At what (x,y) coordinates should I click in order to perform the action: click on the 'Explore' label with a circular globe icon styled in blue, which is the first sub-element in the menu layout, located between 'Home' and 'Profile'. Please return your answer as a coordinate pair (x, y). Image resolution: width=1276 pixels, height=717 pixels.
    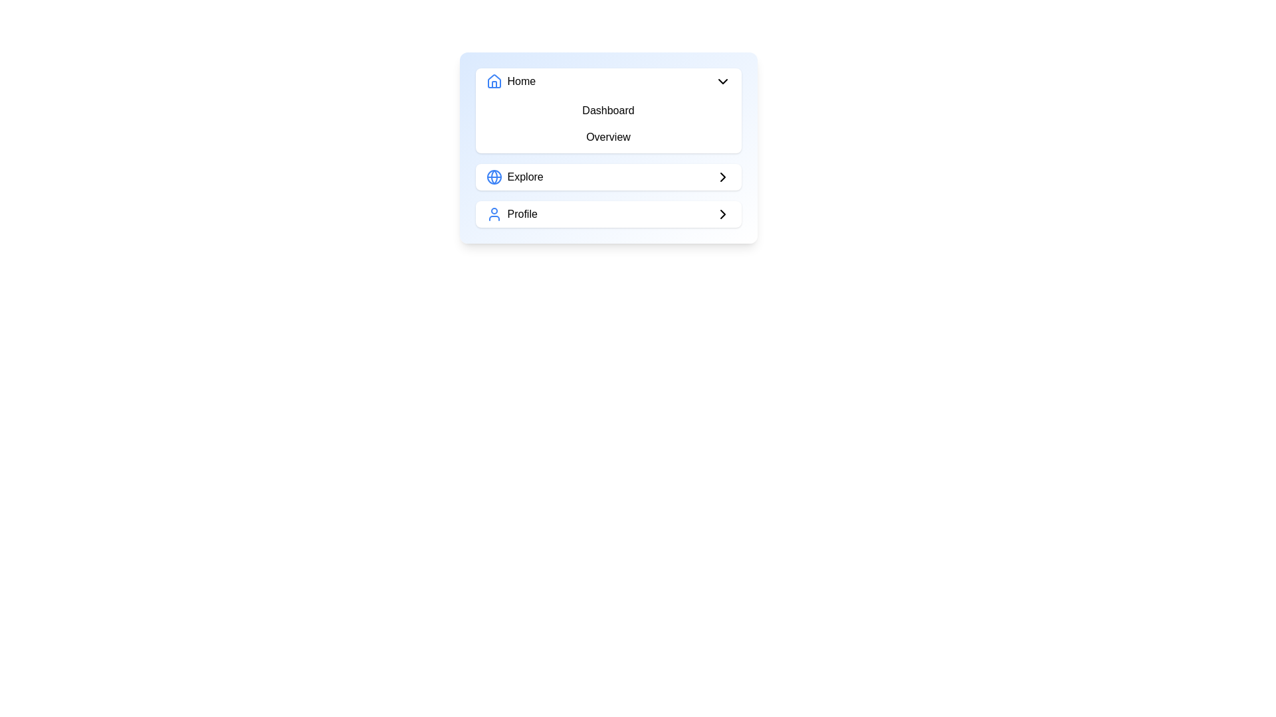
    Looking at the image, I should click on (514, 176).